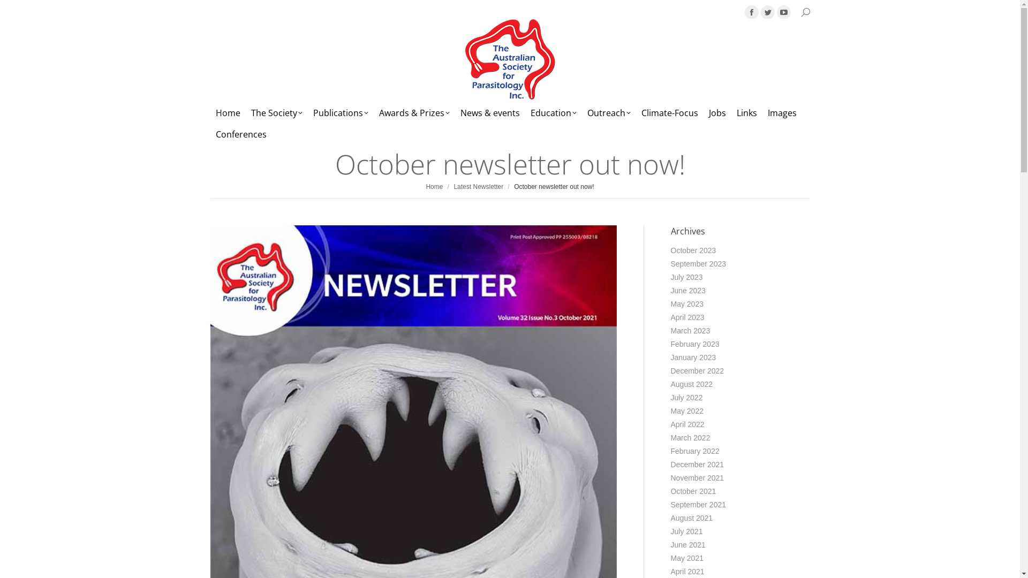  What do you see at coordinates (694, 344) in the screenshot?
I see `'February 2023'` at bounding box center [694, 344].